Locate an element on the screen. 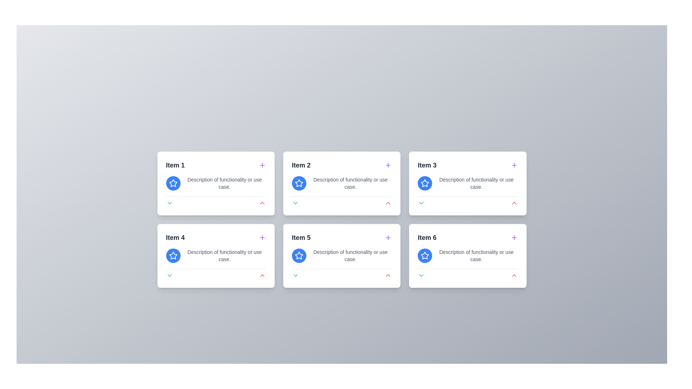 The image size is (692, 389). the icon in the first column of the second row within the 'Item 5' card, which serves as a visual marker for the associated text is located at coordinates (299, 255).